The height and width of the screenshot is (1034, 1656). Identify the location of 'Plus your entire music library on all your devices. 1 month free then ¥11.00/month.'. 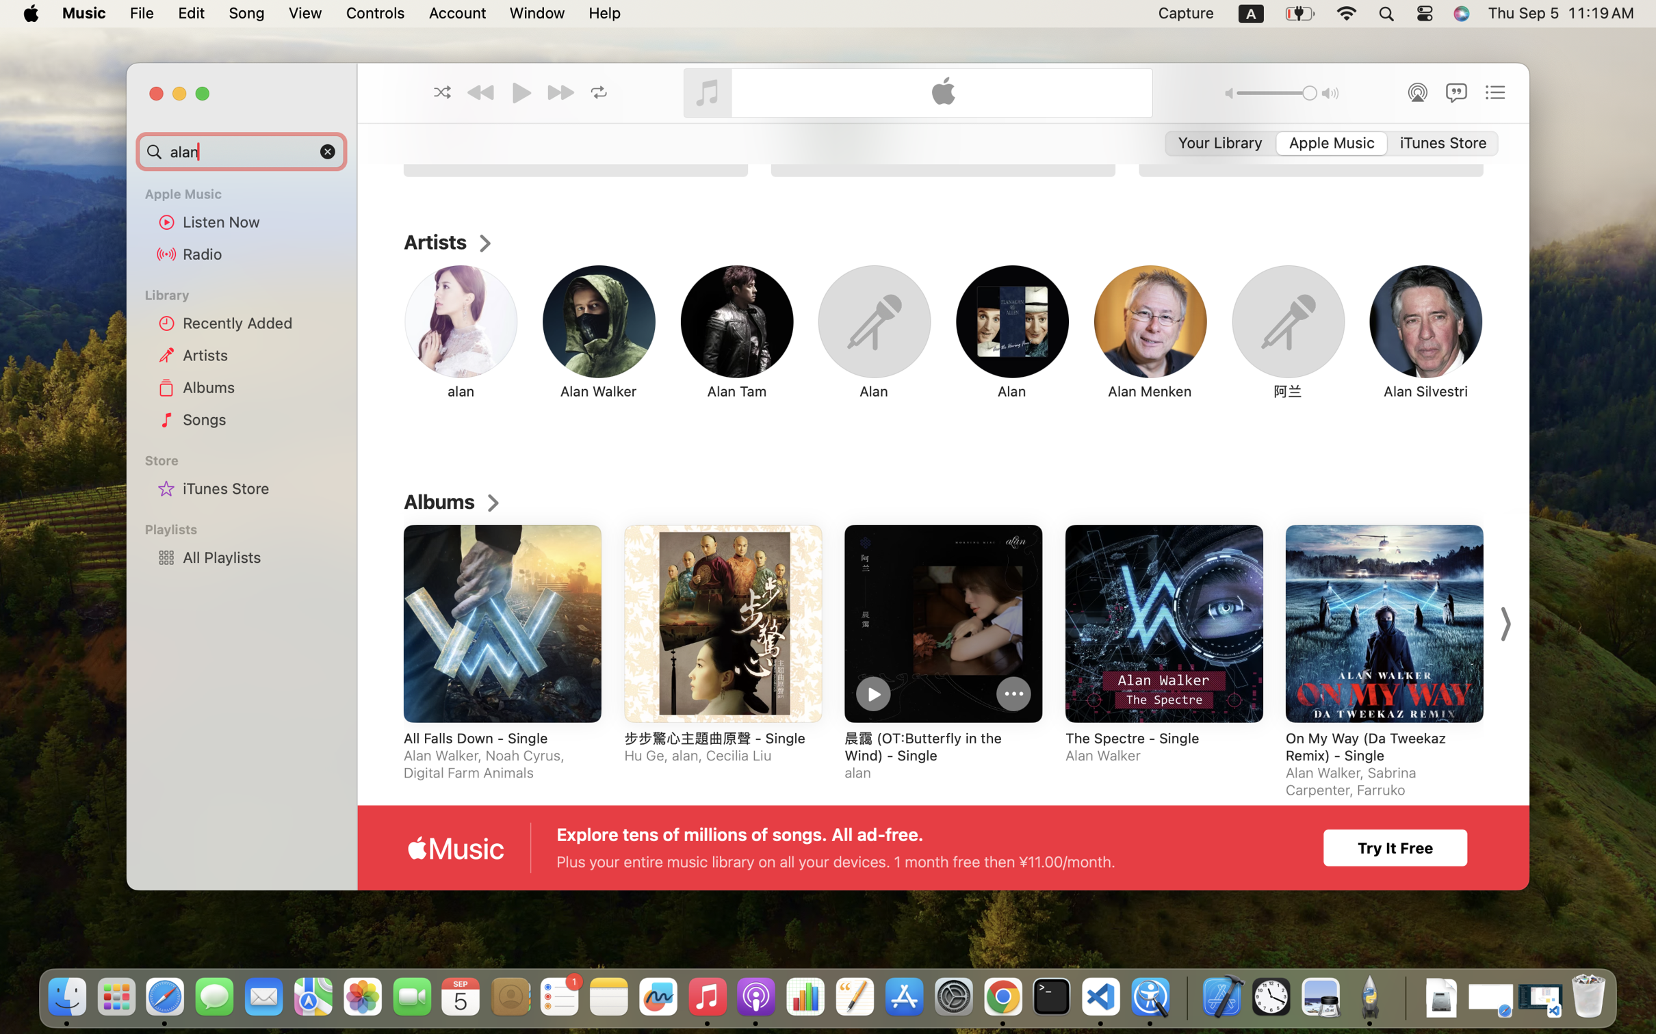
(836, 861).